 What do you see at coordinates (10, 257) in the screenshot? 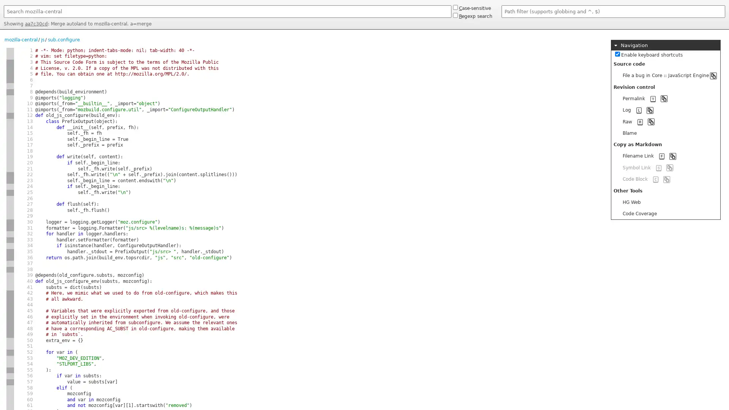
I see `same hash 3` at bounding box center [10, 257].